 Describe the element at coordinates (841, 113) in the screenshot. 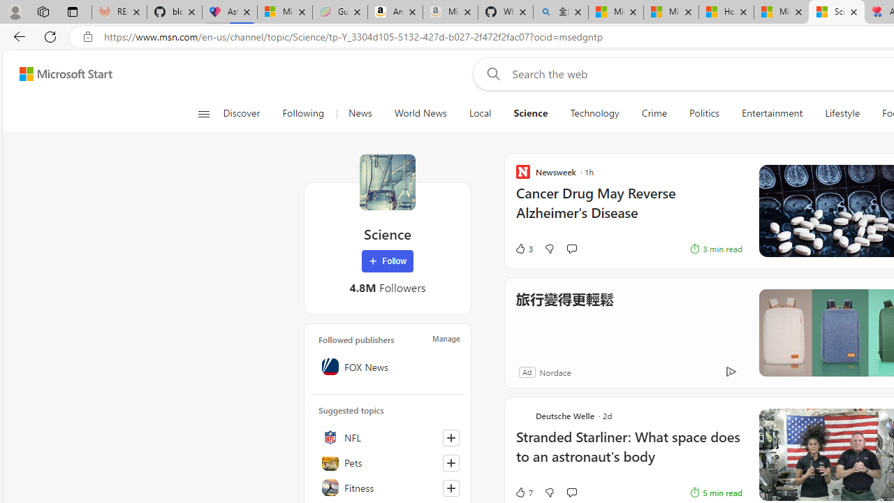

I see `'Lifestyle'` at that location.